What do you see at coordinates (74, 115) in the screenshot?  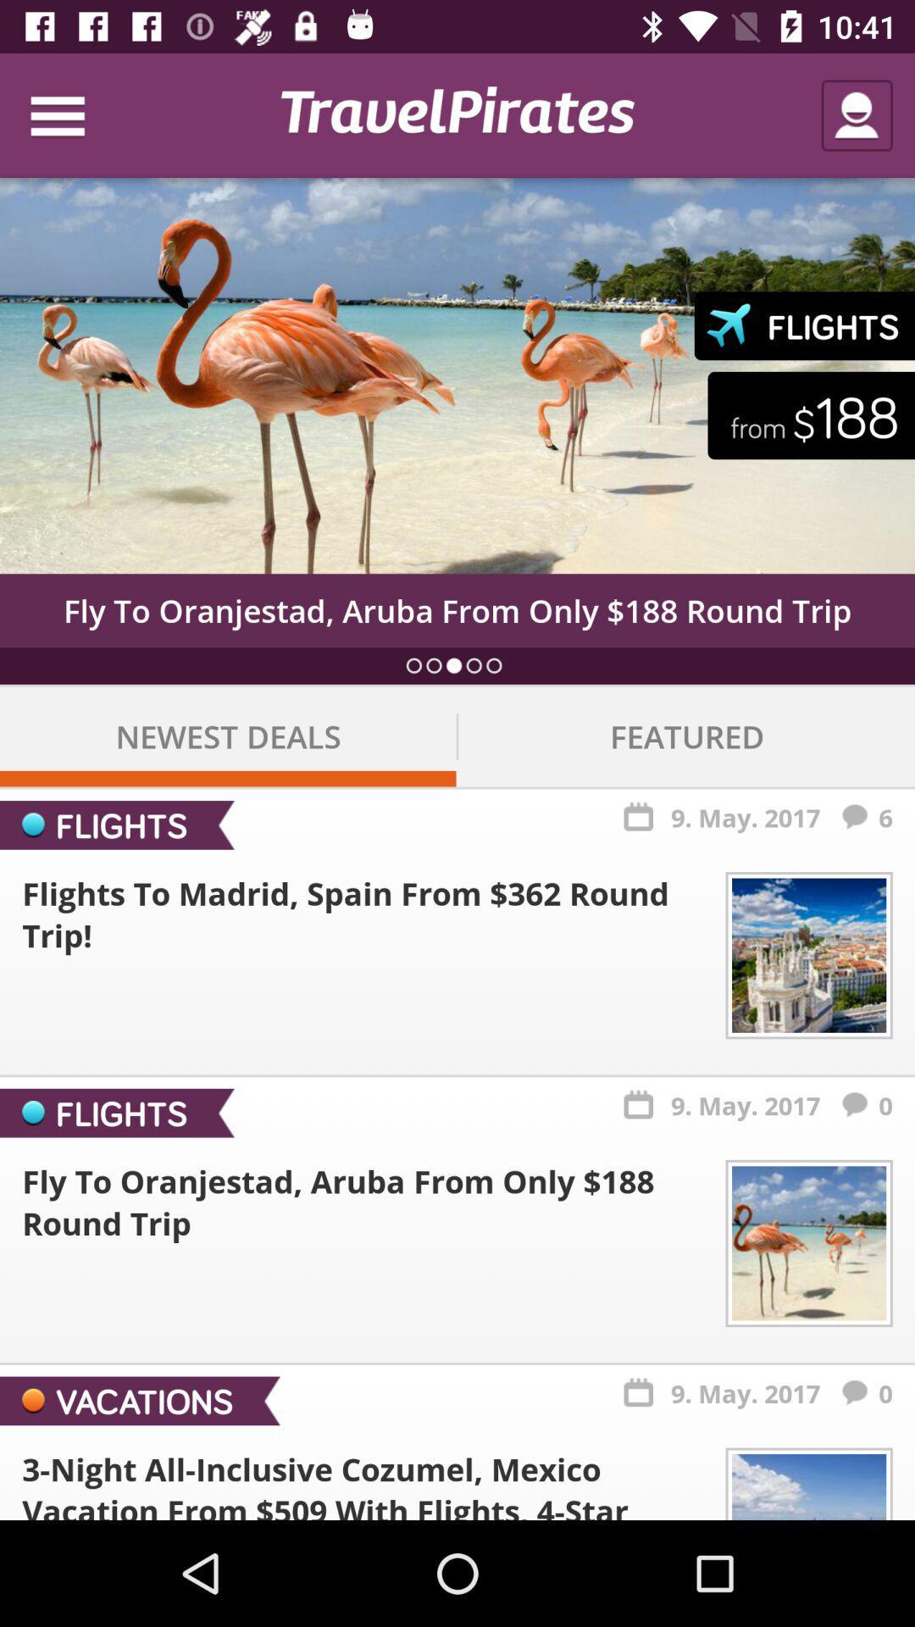 I see `icon at the top left corner` at bounding box center [74, 115].